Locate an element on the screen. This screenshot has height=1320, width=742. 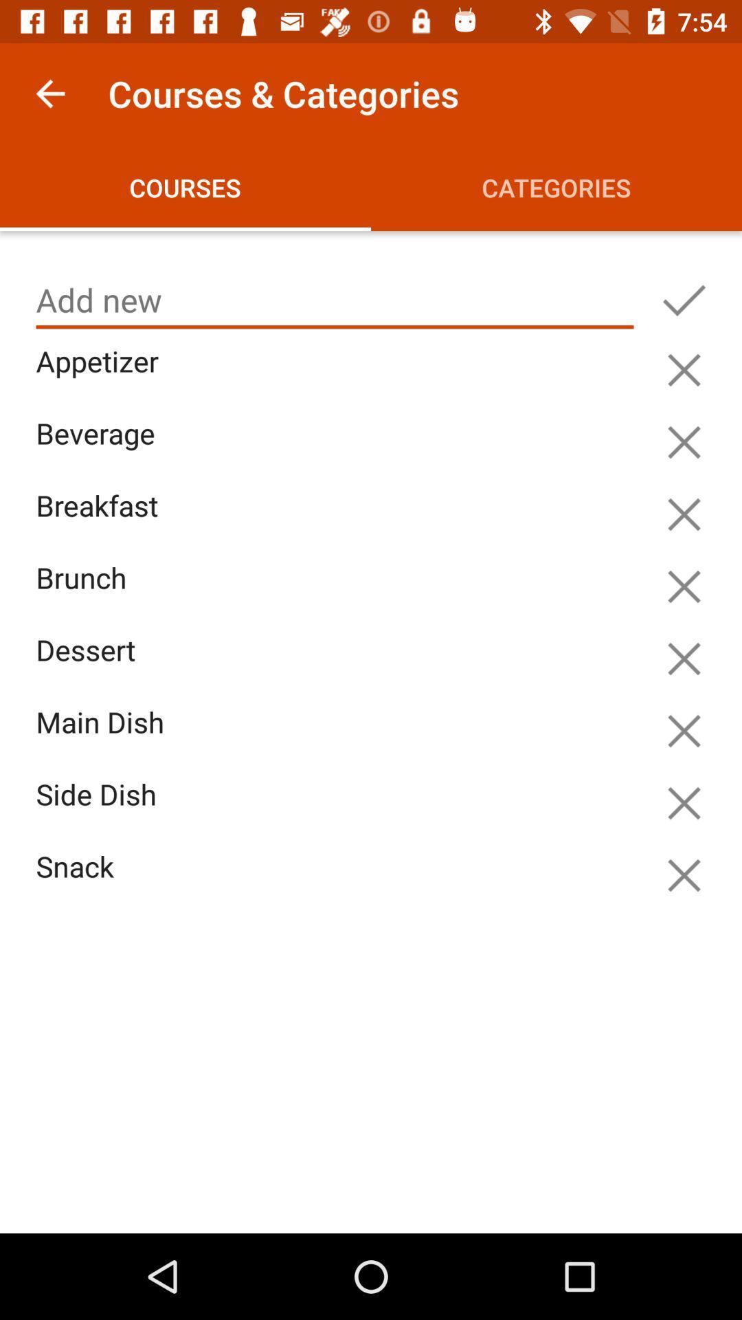
remove item is located at coordinates (684, 730).